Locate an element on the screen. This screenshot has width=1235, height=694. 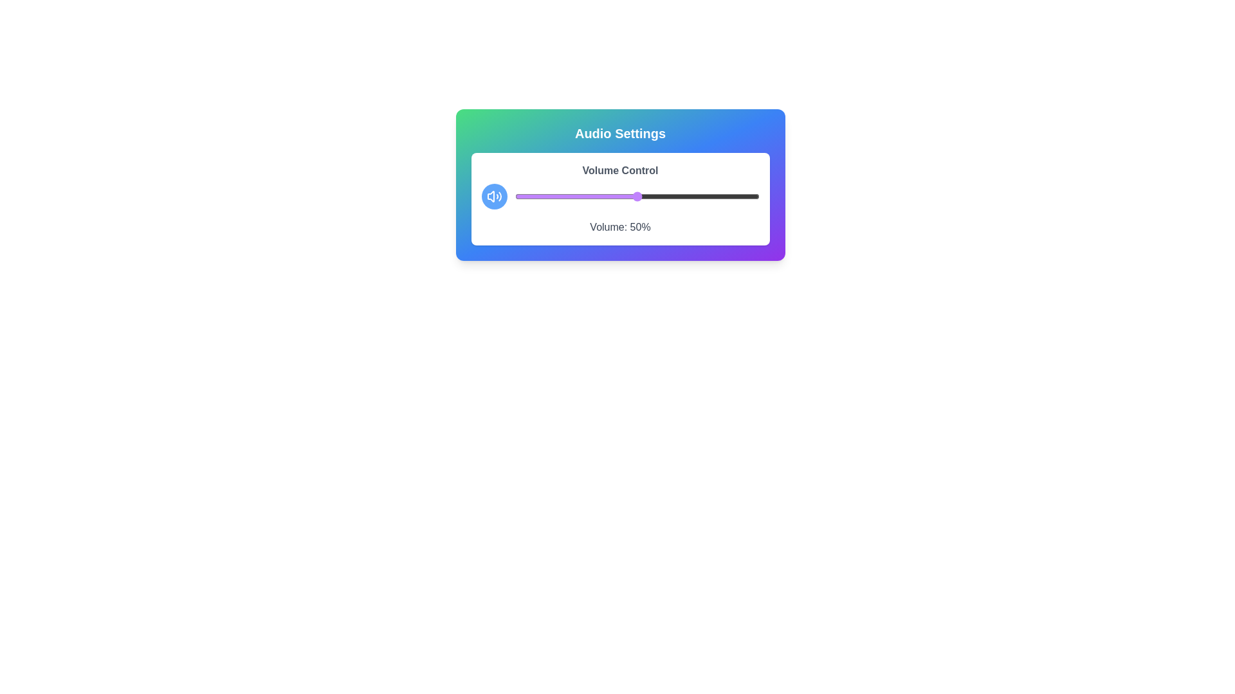
the leftmost sound volume level icon within the audio settings card is located at coordinates (490, 196).